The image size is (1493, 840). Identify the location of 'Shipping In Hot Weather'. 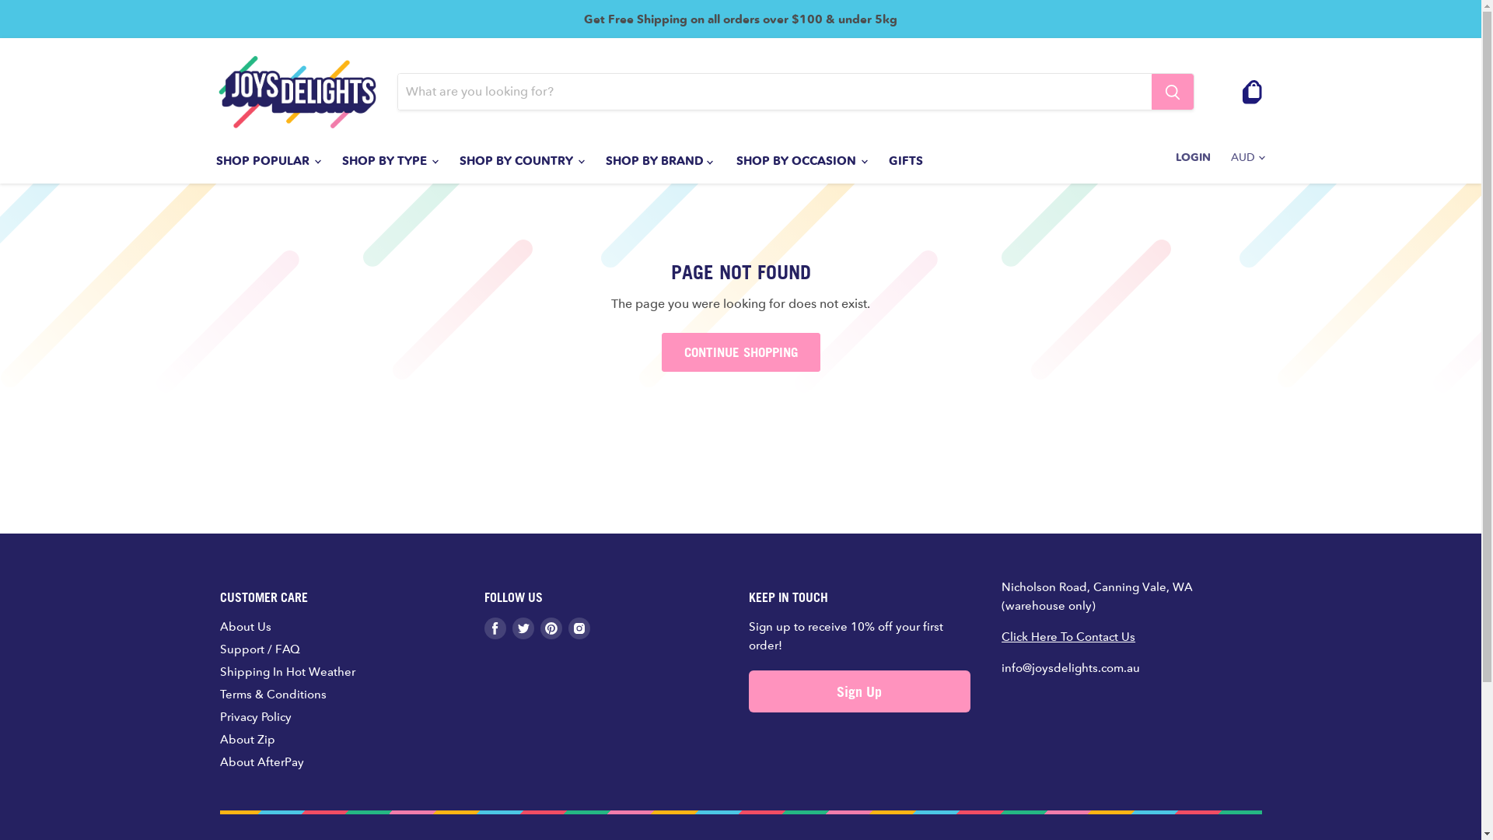
(287, 670).